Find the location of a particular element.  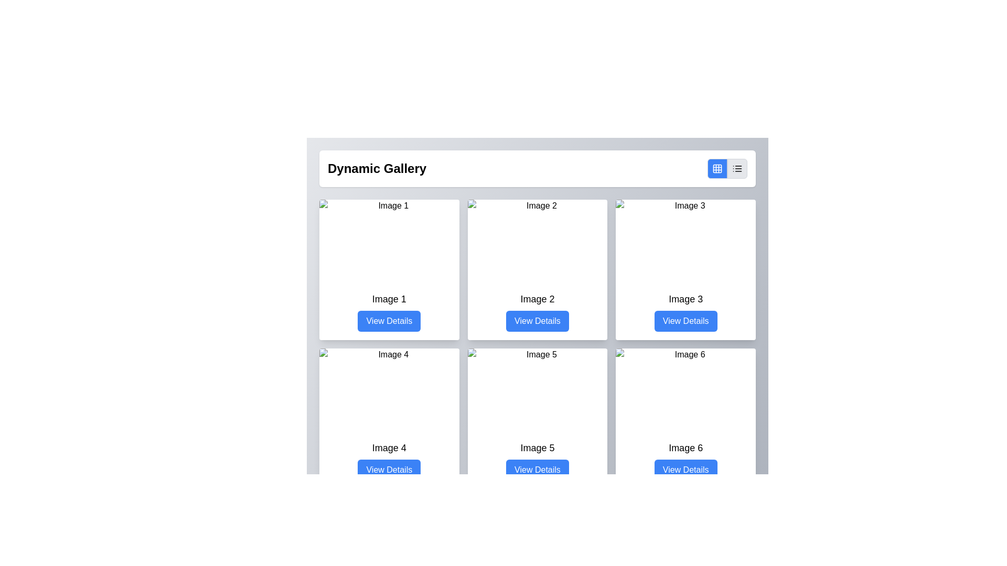

the 'View Details' button associated with the 'Image 5' label in the composite UI component located at the center of the bottom row in the grid layout is located at coordinates (537, 460).